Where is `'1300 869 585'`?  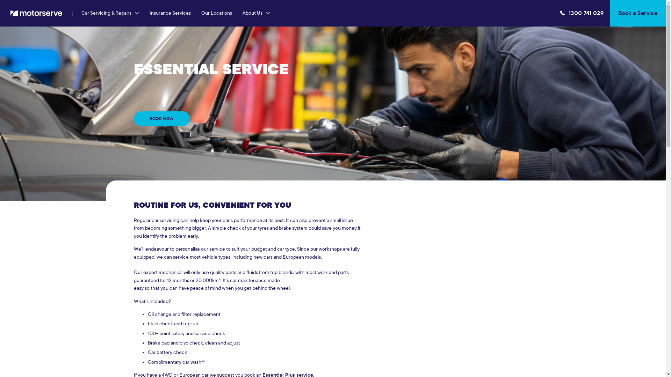
'1300 869 585' is located at coordinates (582, 13).